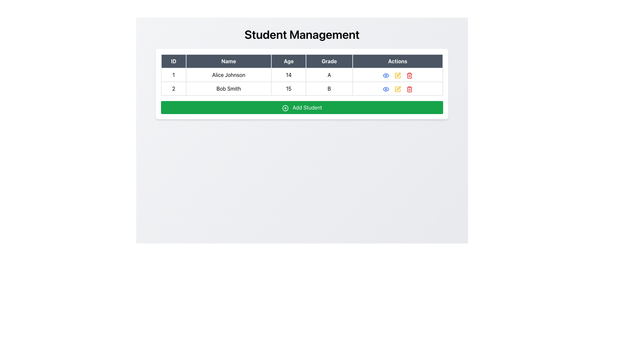 Image resolution: width=627 pixels, height=352 pixels. I want to click on the table cell displaying the age of the student 'Bob Smith', located in the second row under the 'Age' column header, so click(288, 89).